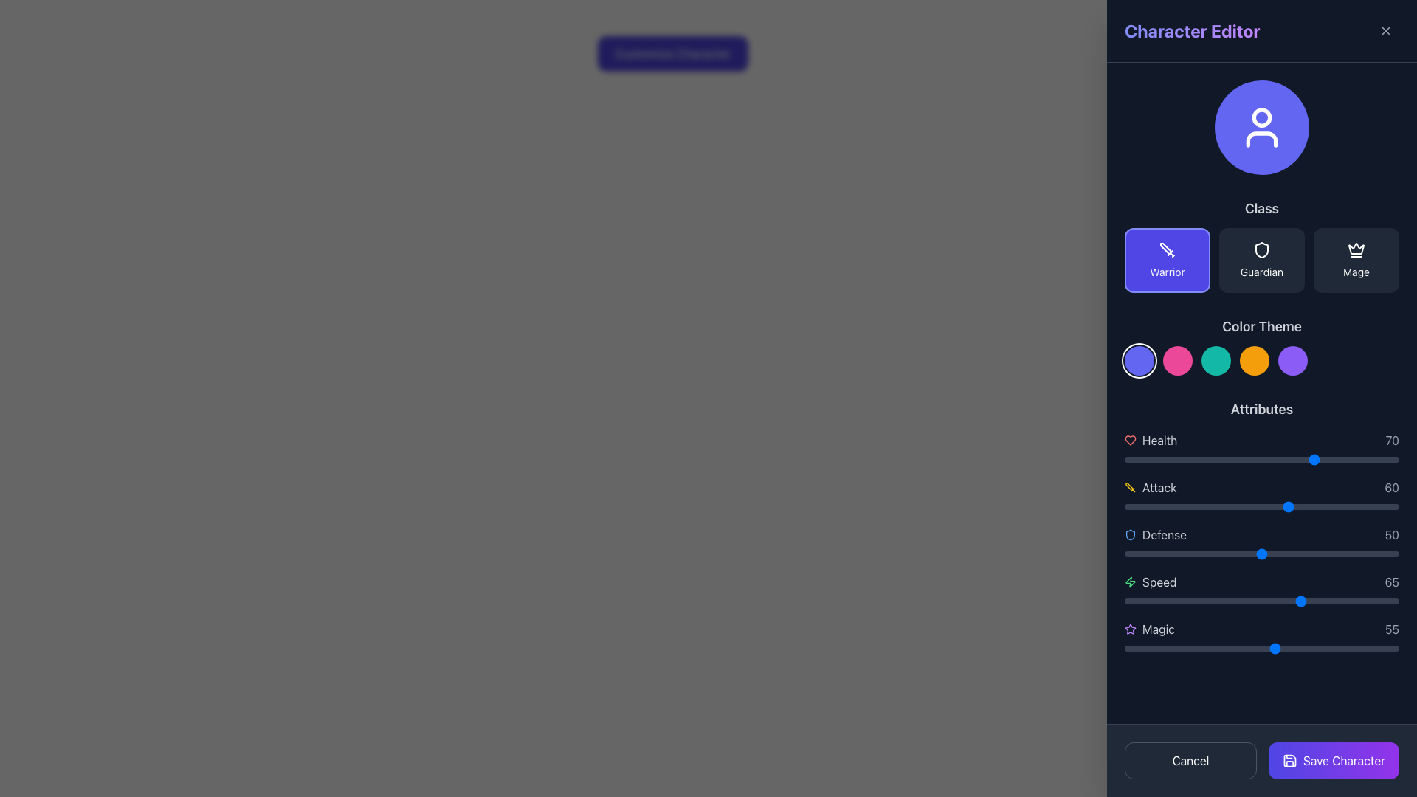 The height and width of the screenshot is (797, 1417). I want to click on the 'Attack' attribute display element, which shows the value '60' and is located in the central region of the 'Attributes' section, specifically the second attribute listed, so click(1261, 487).